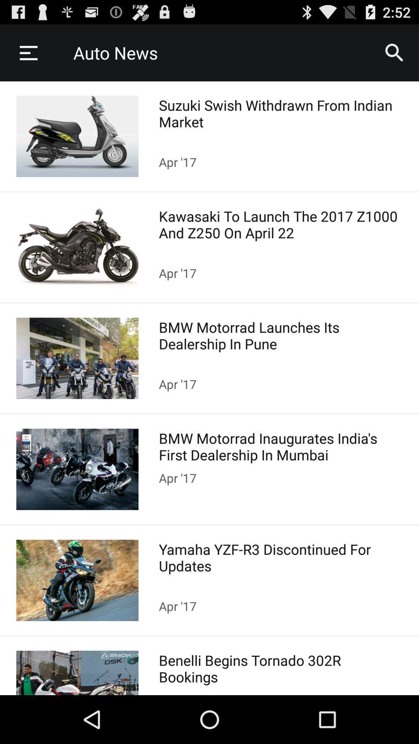 This screenshot has height=744, width=419. What do you see at coordinates (77, 358) in the screenshot?
I see `the third image from the top` at bounding box center [77, 358].